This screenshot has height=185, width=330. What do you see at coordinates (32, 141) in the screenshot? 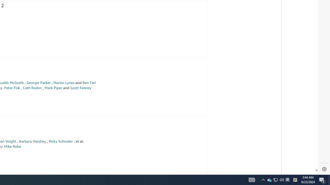
I see `'Barbara Hershey'` at bounding box center [32, 141].